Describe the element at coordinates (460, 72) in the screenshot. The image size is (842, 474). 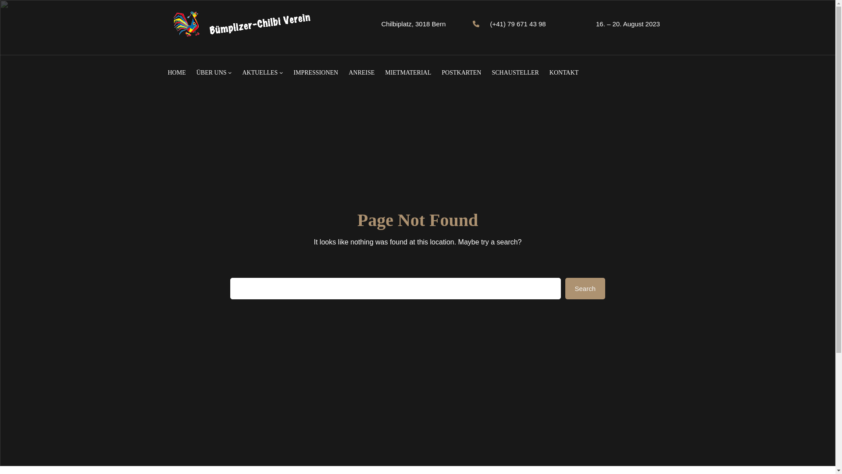
I see `'POSTKARTEN'` at that location.